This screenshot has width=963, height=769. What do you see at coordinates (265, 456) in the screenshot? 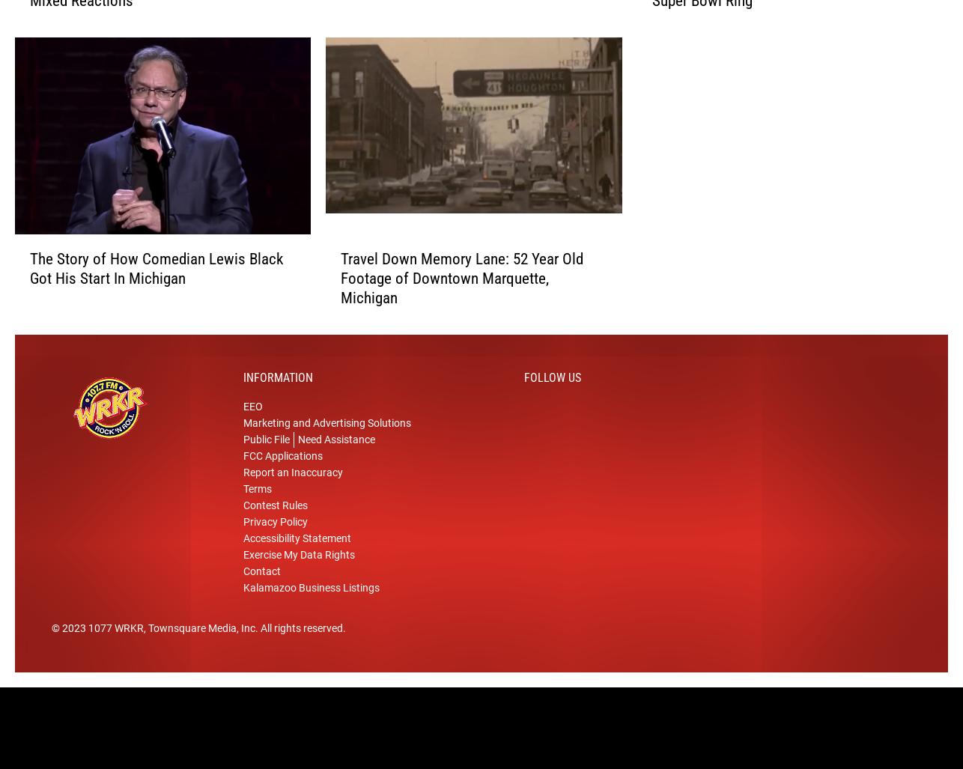
I see `'Public File'` at bounding box center [265, 456].